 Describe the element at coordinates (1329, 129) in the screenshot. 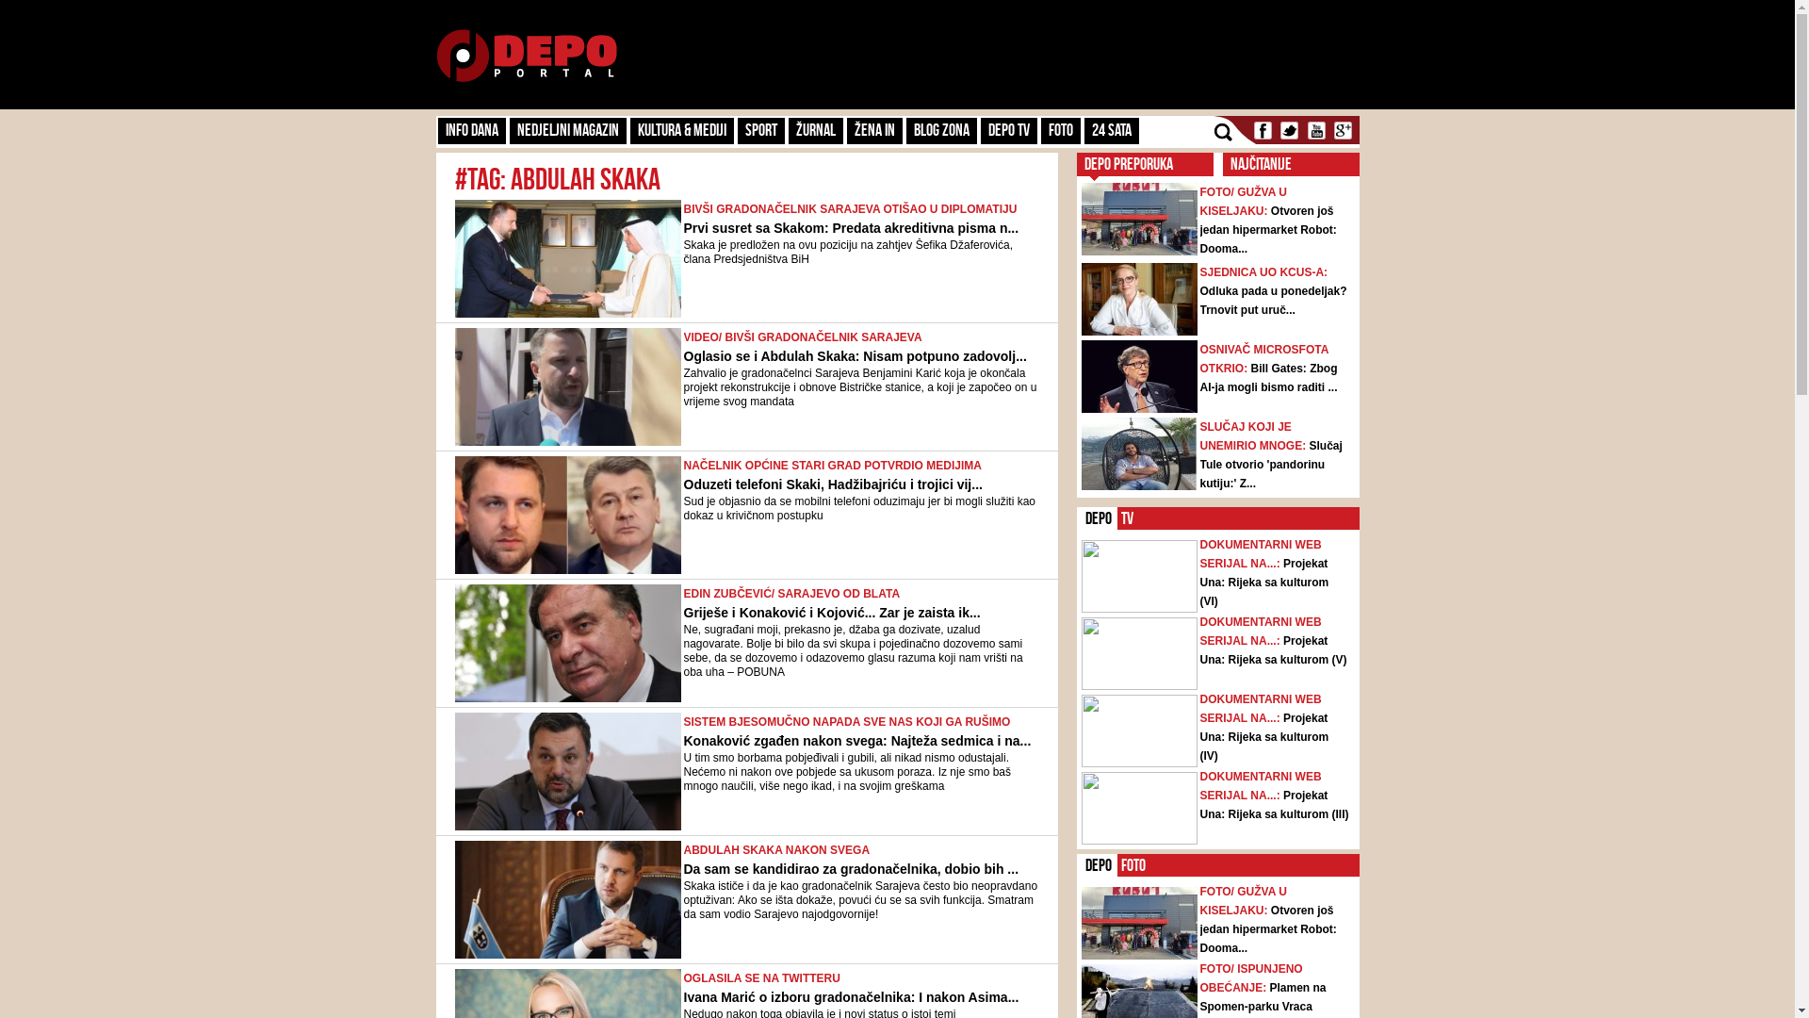

I see `'Gmail'` at that location.